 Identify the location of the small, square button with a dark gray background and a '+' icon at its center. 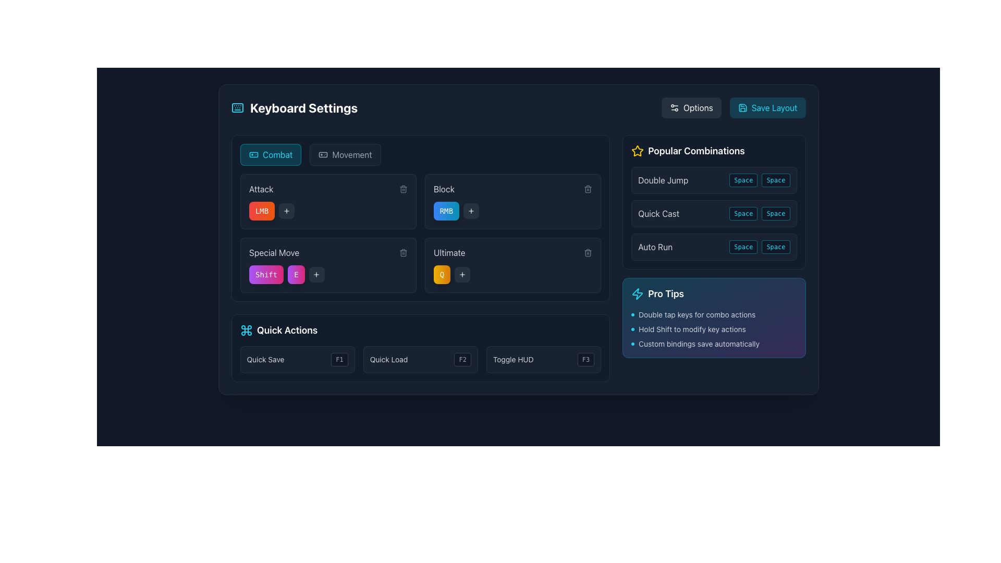
(286, 211).